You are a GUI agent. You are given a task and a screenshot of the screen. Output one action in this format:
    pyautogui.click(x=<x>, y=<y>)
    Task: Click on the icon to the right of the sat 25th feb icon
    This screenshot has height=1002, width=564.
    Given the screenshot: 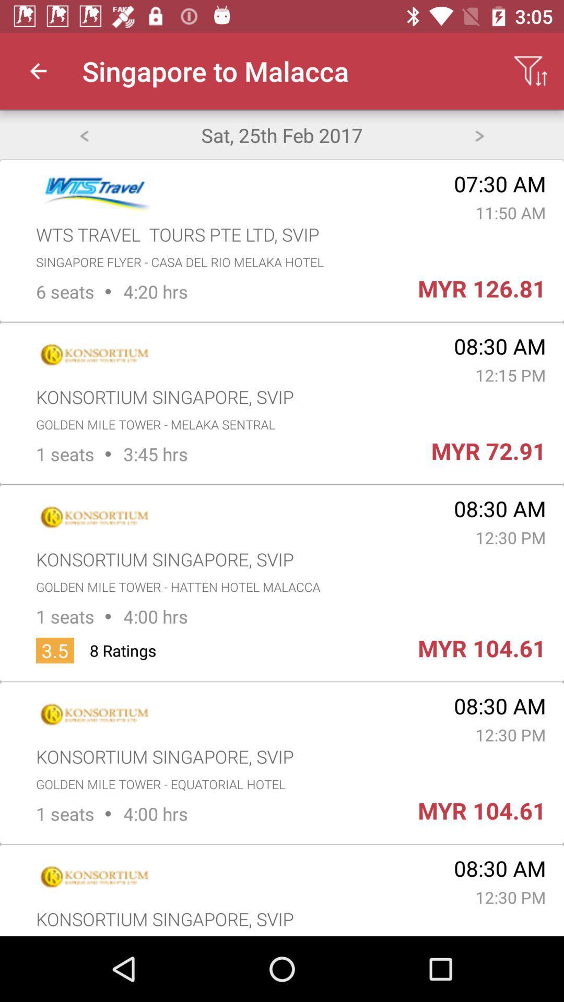 What is the action you would take?
    pyautogui.click(x=479, y=134)
    